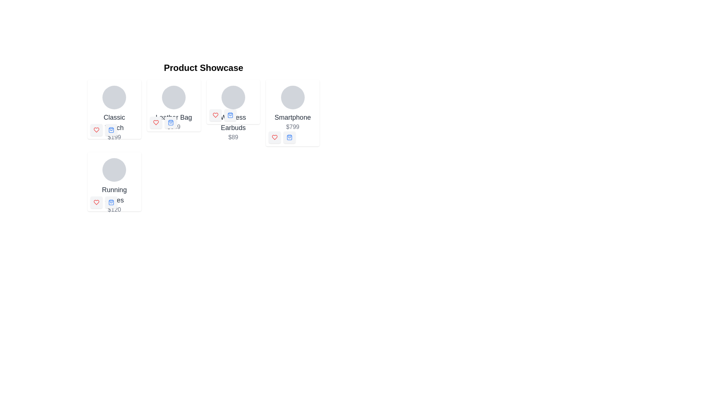 The image size is (710, 399). I want to click on the heart icon located at the bottom-left of the product card labeled 'Wireless Earbuds $89', so click(215, 115).